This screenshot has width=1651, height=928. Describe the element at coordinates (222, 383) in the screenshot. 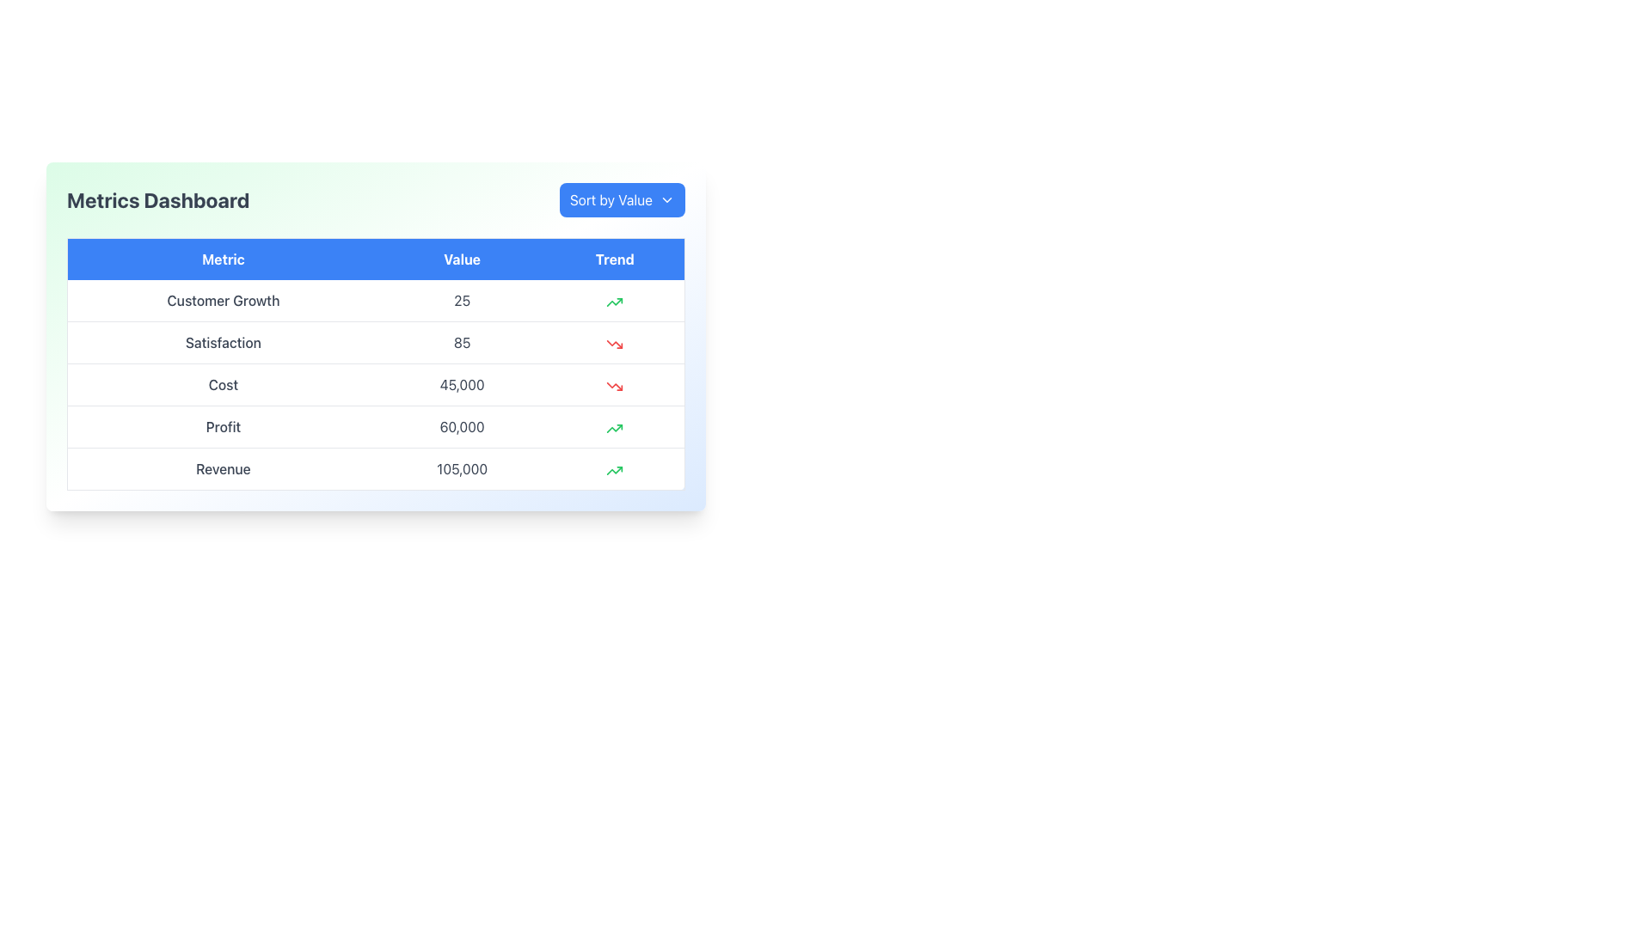

I see `the Text Label indicating 'Cost' located in the third row under the 'Metric' column of the table` at that location.